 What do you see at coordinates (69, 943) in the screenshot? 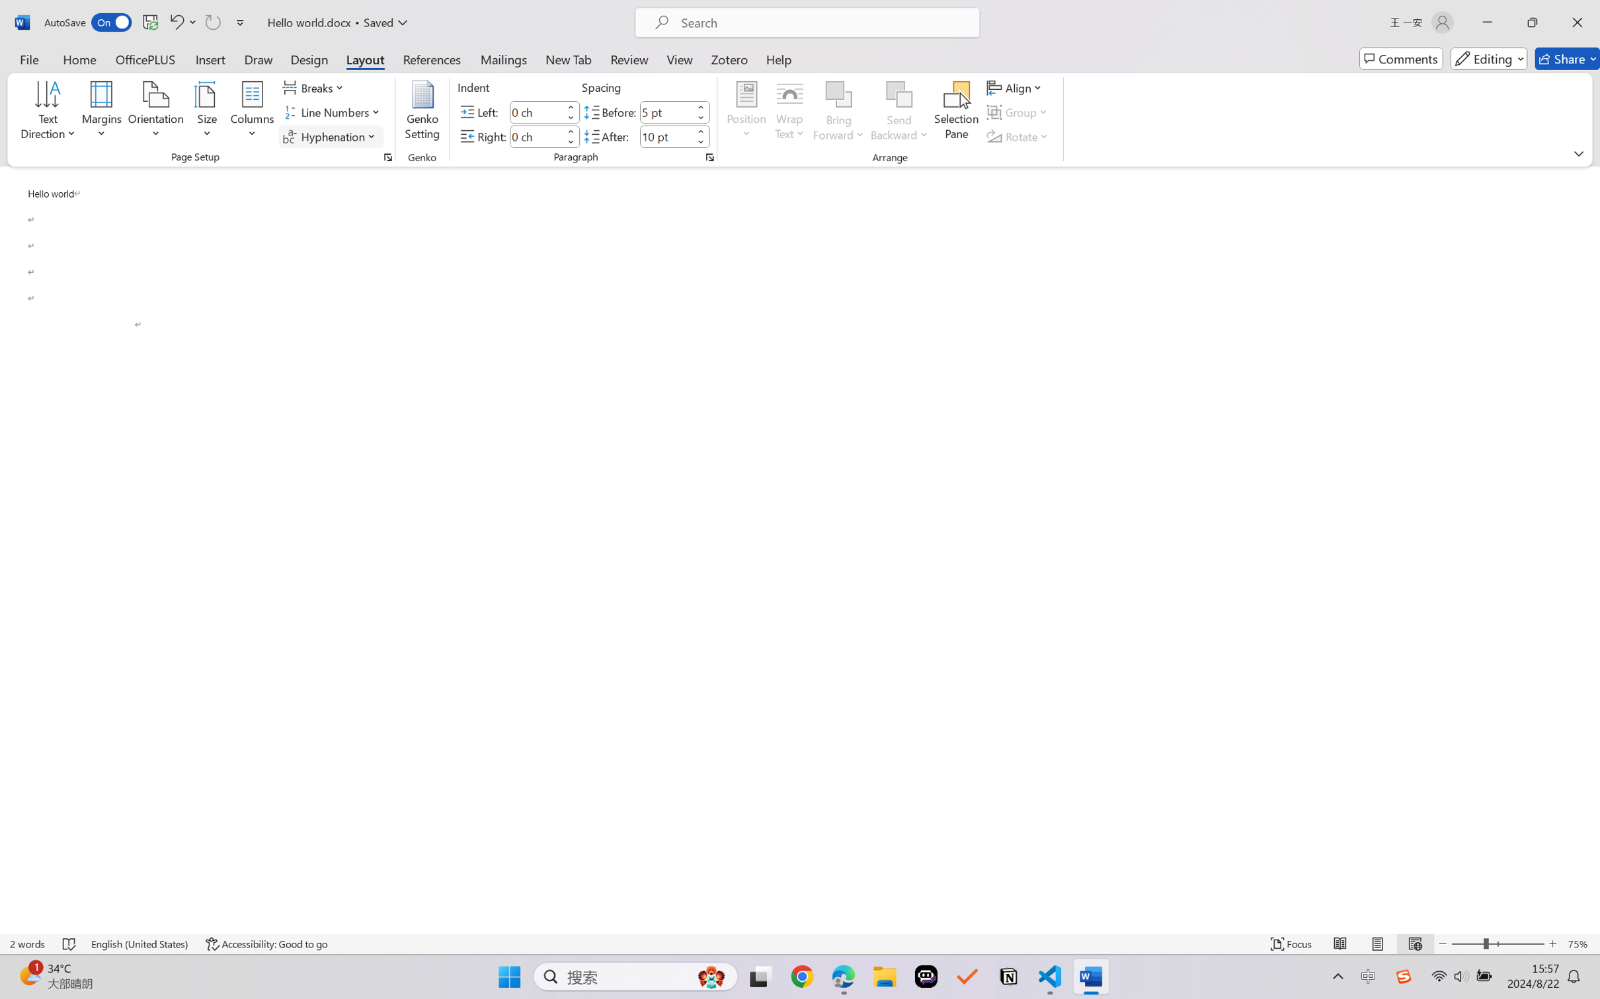
I see `'Spelling and Grammar Check No Errors'` at bounding box center [69, 943].